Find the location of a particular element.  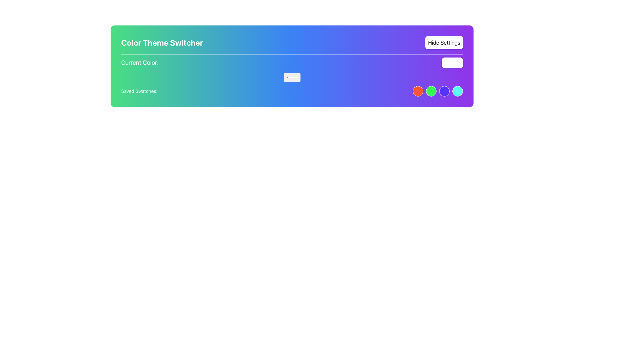

the third button in a horizontal grouping of four buttons located towards the bottom right of the interface is located at coordinates (444, 91).